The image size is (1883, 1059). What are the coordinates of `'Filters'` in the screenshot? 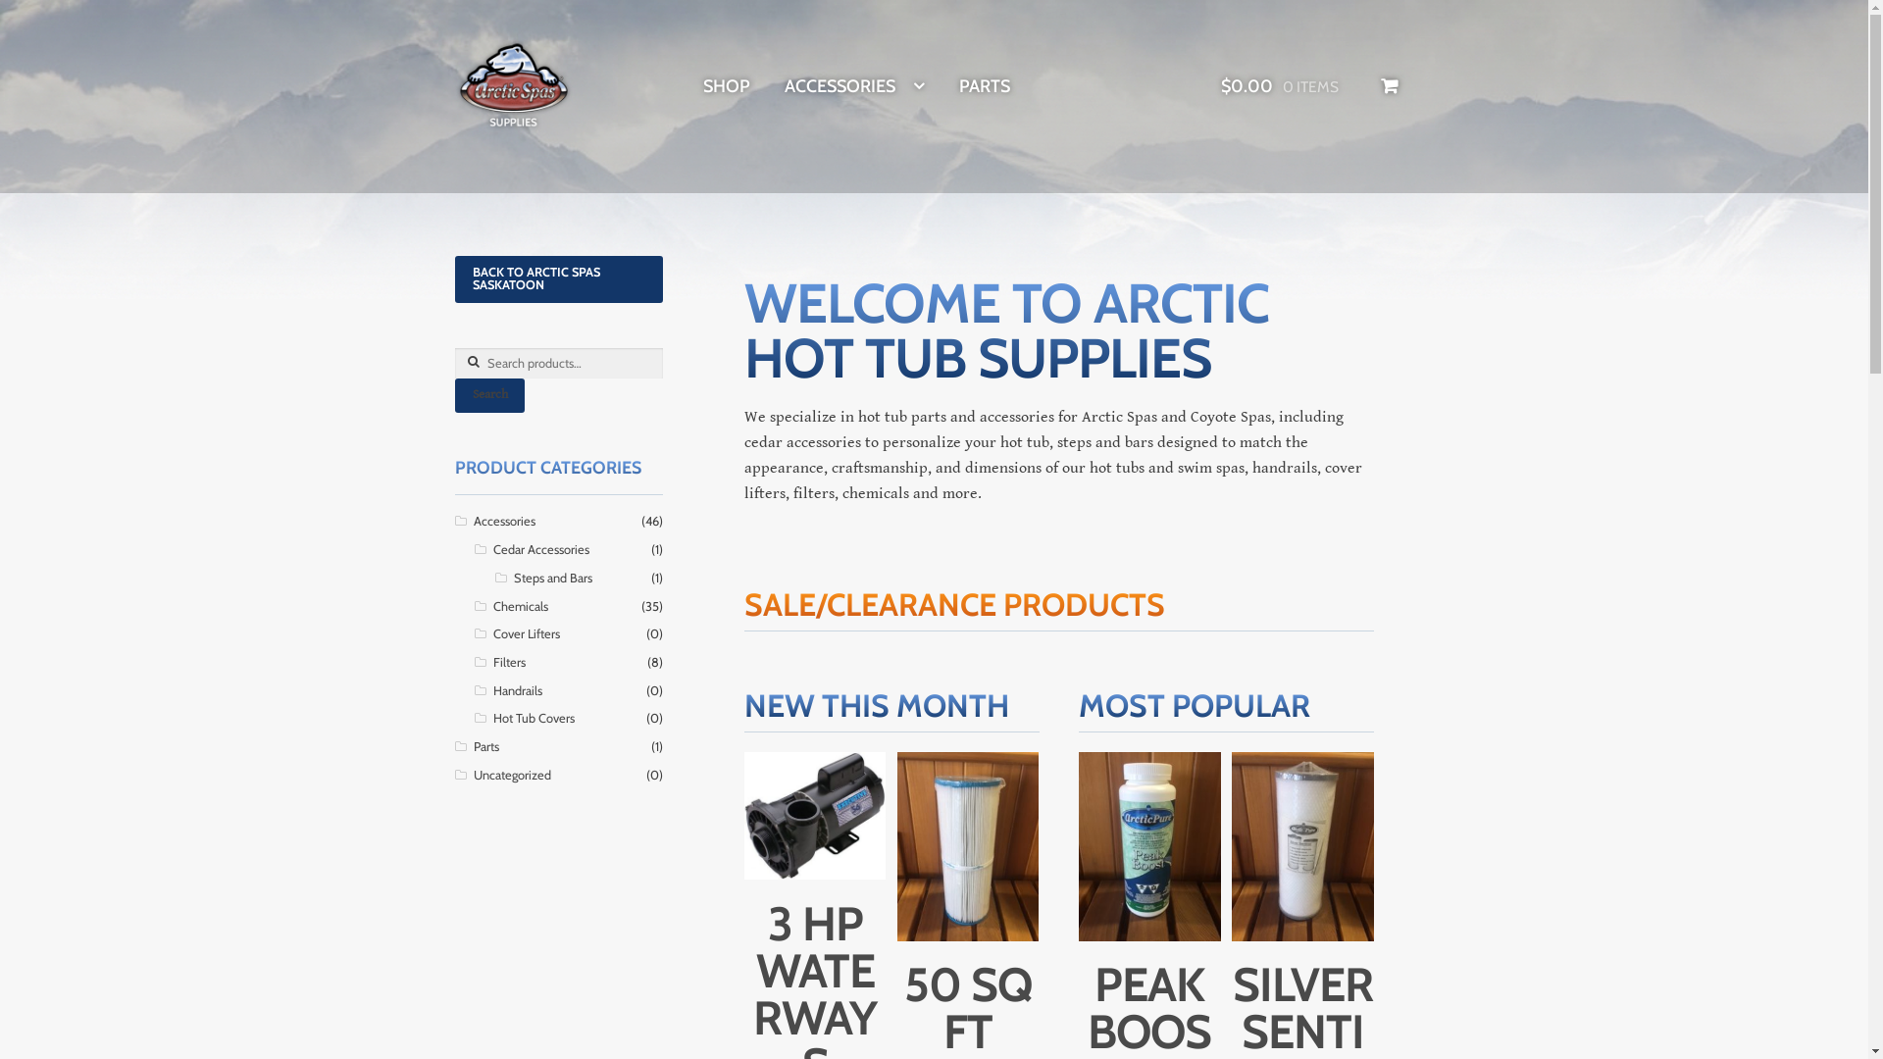 It's located at (509, 662).